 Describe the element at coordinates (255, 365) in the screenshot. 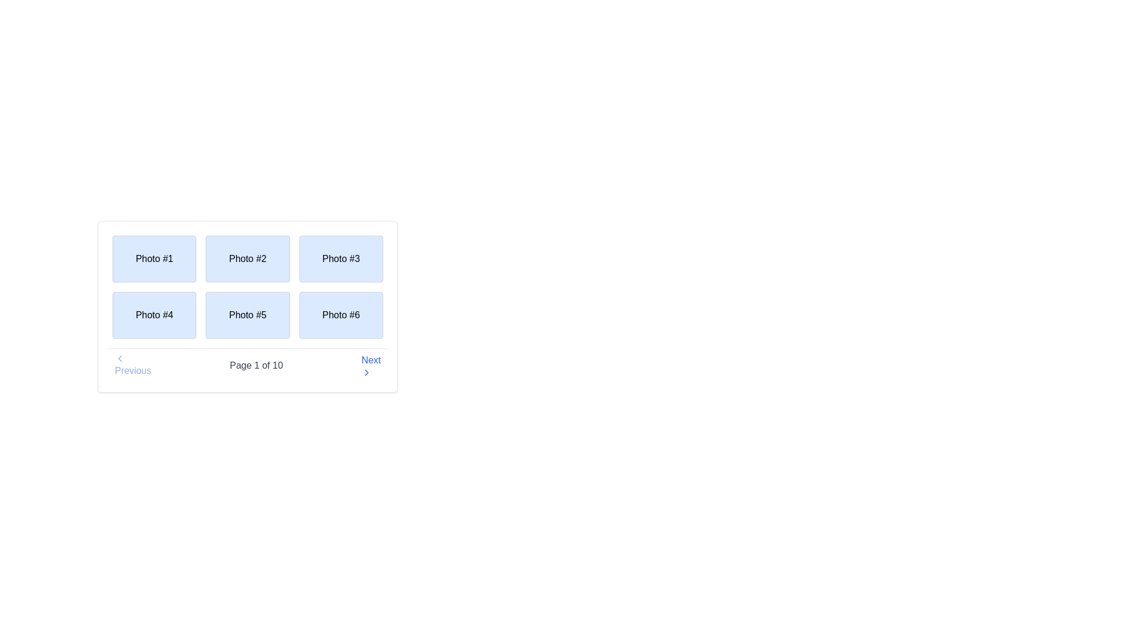

I see `the text label that displays the current page information, indicating the user is viewing page 1 out of 10, located centrally between the 'Previous' and 'Next' buttons in the navigation control bar` at that location.